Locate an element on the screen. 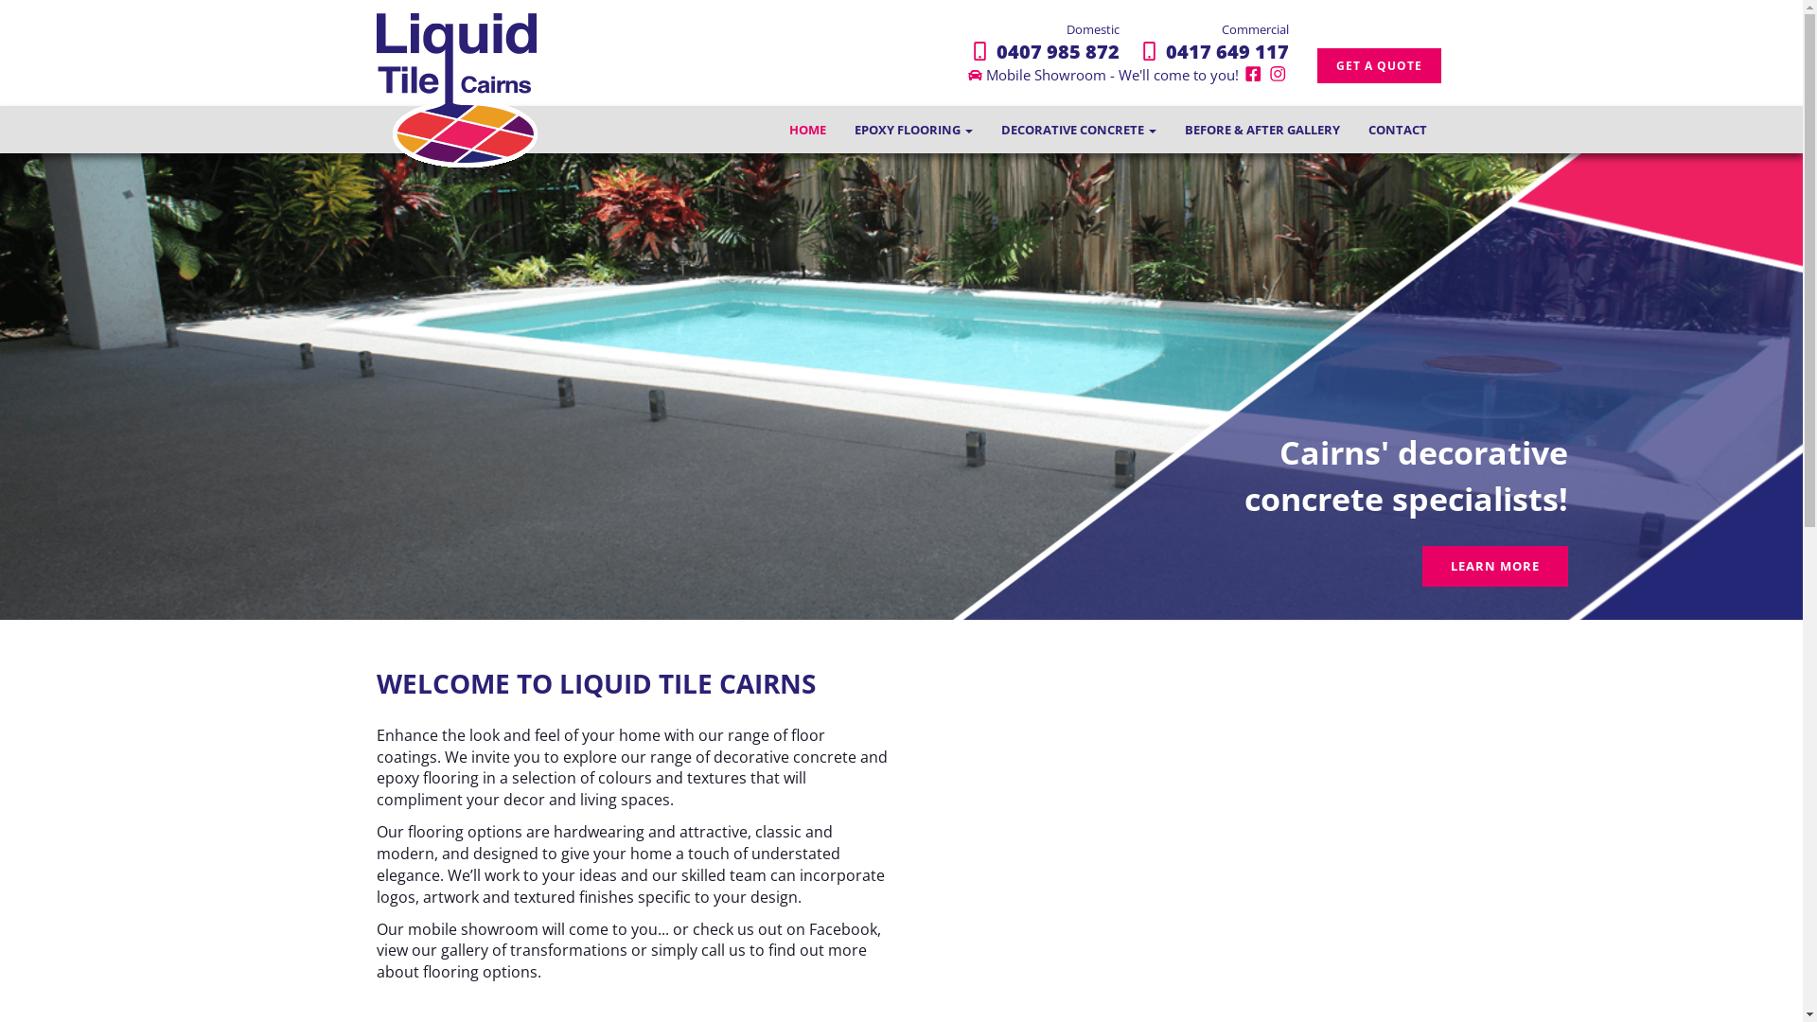  'DECORATIVE CONCRETE' is located at coordinates (1077, 129).